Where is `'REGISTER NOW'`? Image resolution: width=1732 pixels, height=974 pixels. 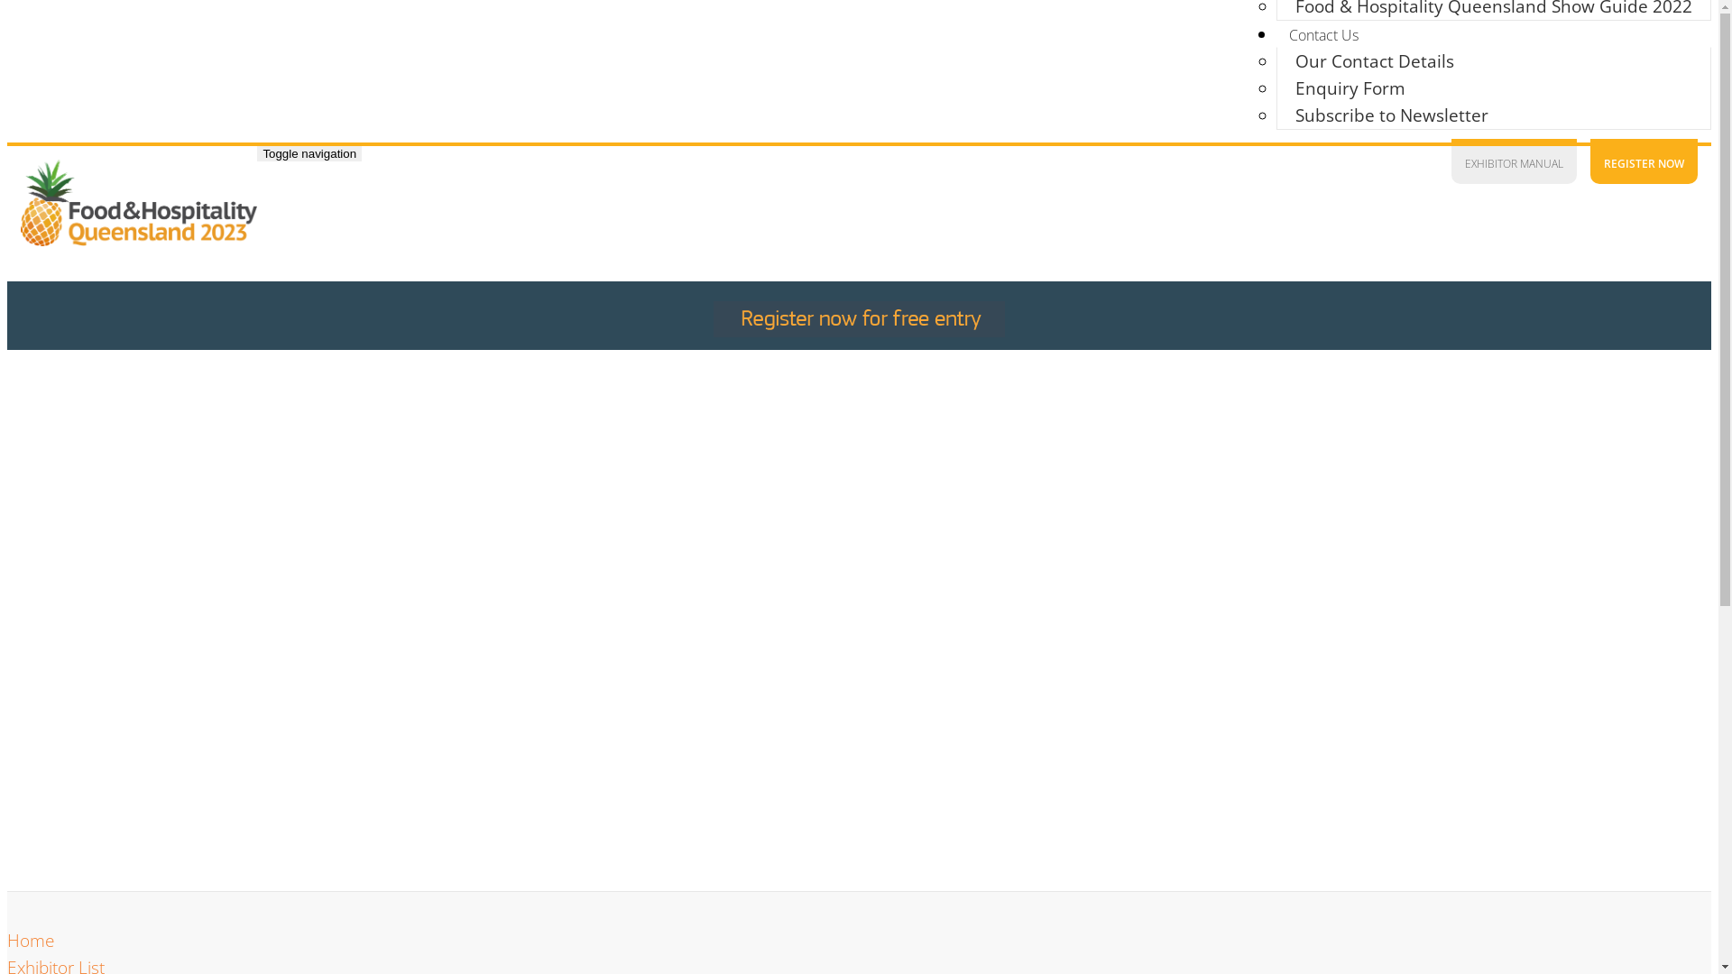 'REGISTER NOW' is located at coordinates (1644, 160).